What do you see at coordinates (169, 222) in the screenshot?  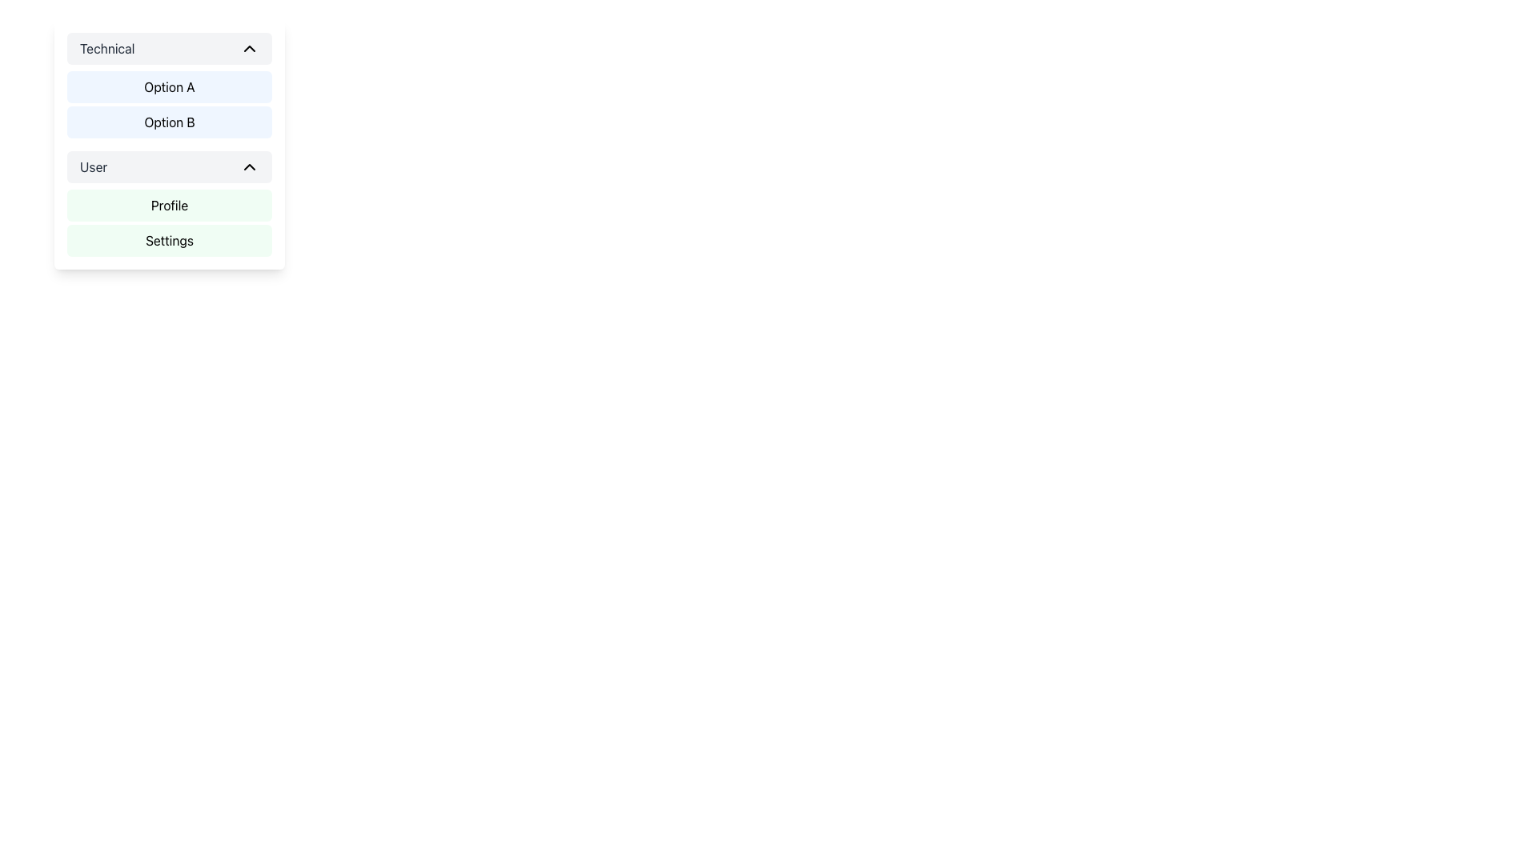 I see `the 'Profile' option in the dropdown menu under the 'User' category` at bounding box center [169, 222].